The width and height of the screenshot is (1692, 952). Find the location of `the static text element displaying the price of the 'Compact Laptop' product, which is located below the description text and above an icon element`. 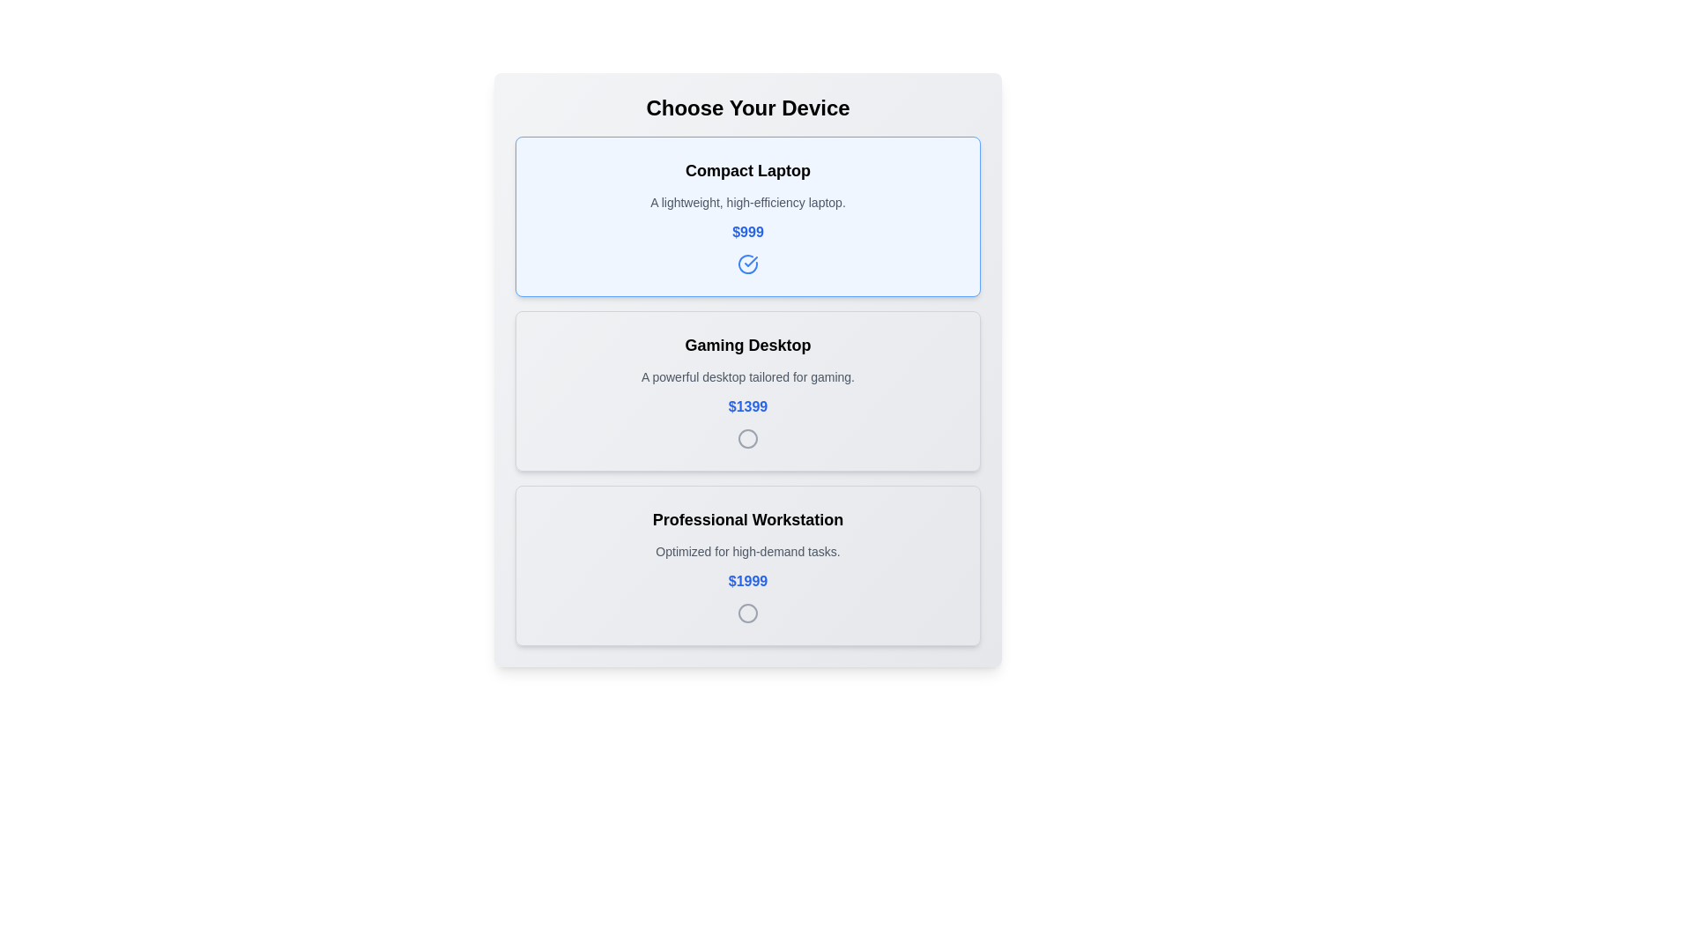

the static text element displaying the price of the 'Compact Laptop' product, which is located below the description text and above an icon element is located at coordinates (748, 231).